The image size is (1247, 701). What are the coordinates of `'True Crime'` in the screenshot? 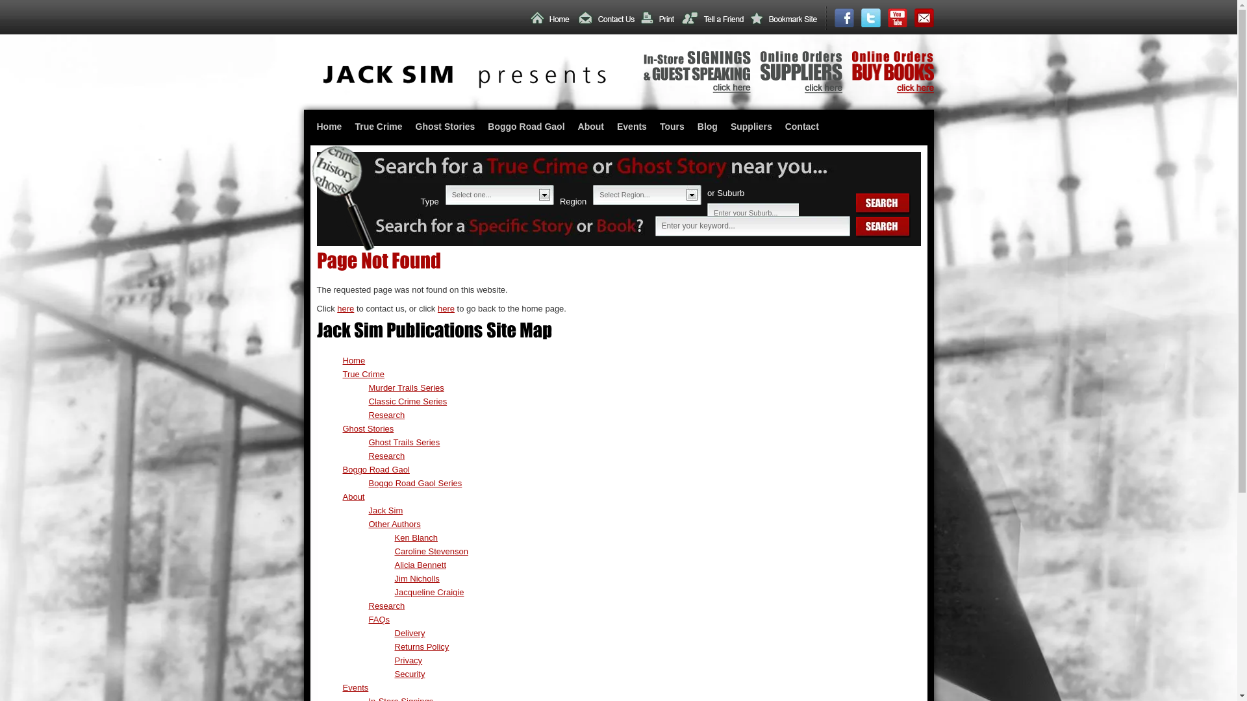 It's located at (364, 374).